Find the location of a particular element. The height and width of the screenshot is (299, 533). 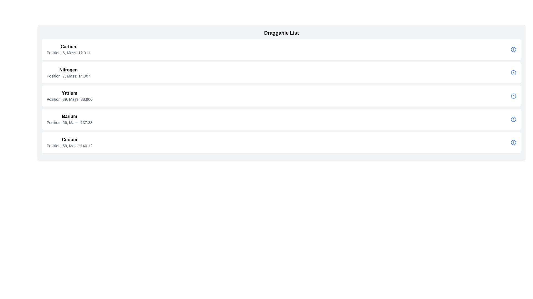

the list item displaying 'Cerium' with additional details 'Position: 58, Mass: 140.12' is located at coordinates (281, 142).